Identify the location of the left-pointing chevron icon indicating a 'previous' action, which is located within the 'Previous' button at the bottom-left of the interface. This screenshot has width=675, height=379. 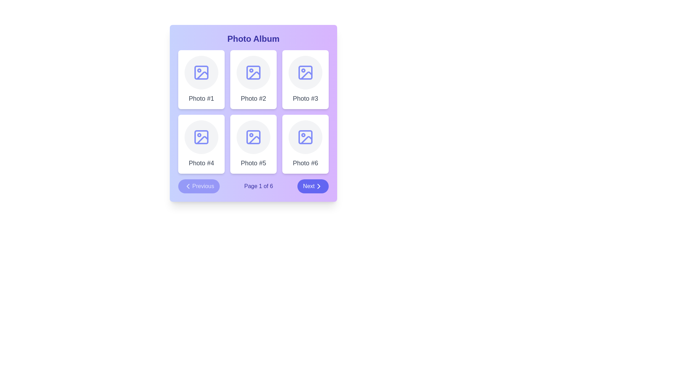
(188, 186).